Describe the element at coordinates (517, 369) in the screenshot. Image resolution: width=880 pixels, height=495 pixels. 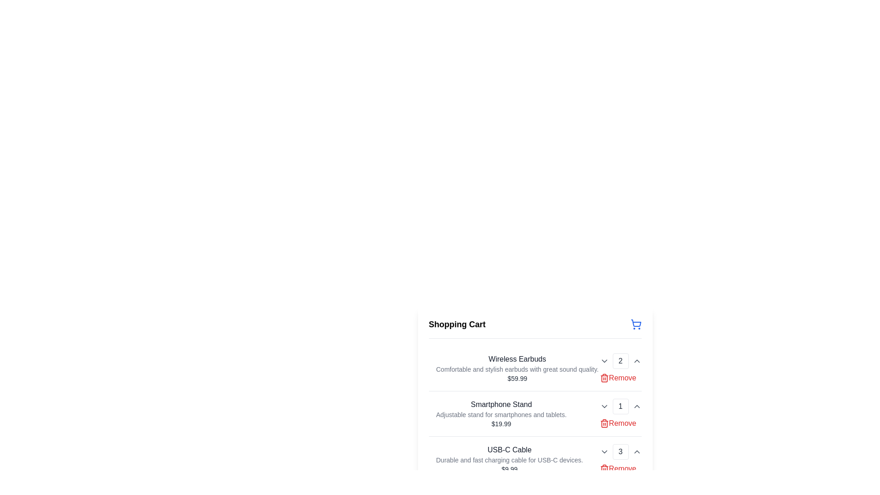
I see `descriptive text element that contains the content 'Comfortable and stylish earbuds with great sound quality.' located beneath the heading 'Wireless Earbuds' and above the price '$59.99'` at that location.